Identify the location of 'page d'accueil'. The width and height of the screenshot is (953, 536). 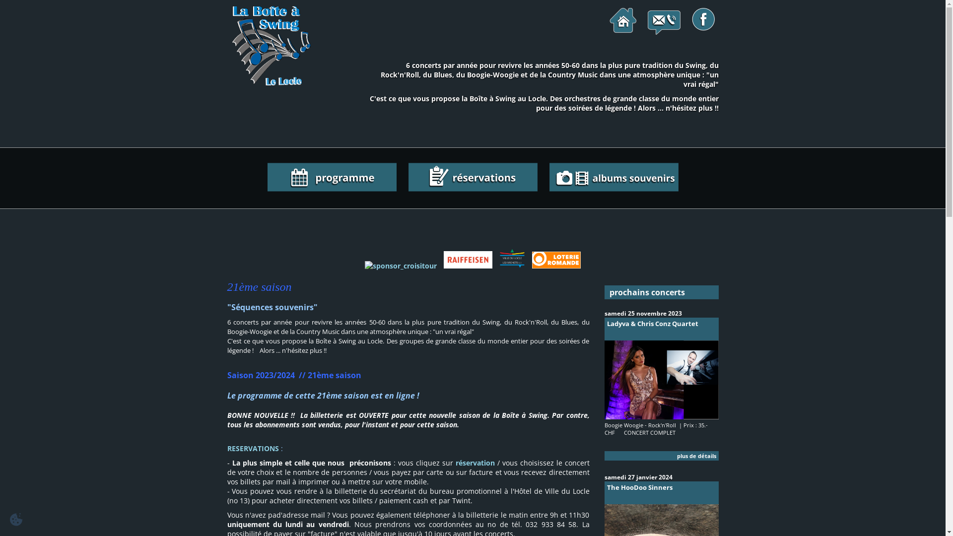
(623, 21).